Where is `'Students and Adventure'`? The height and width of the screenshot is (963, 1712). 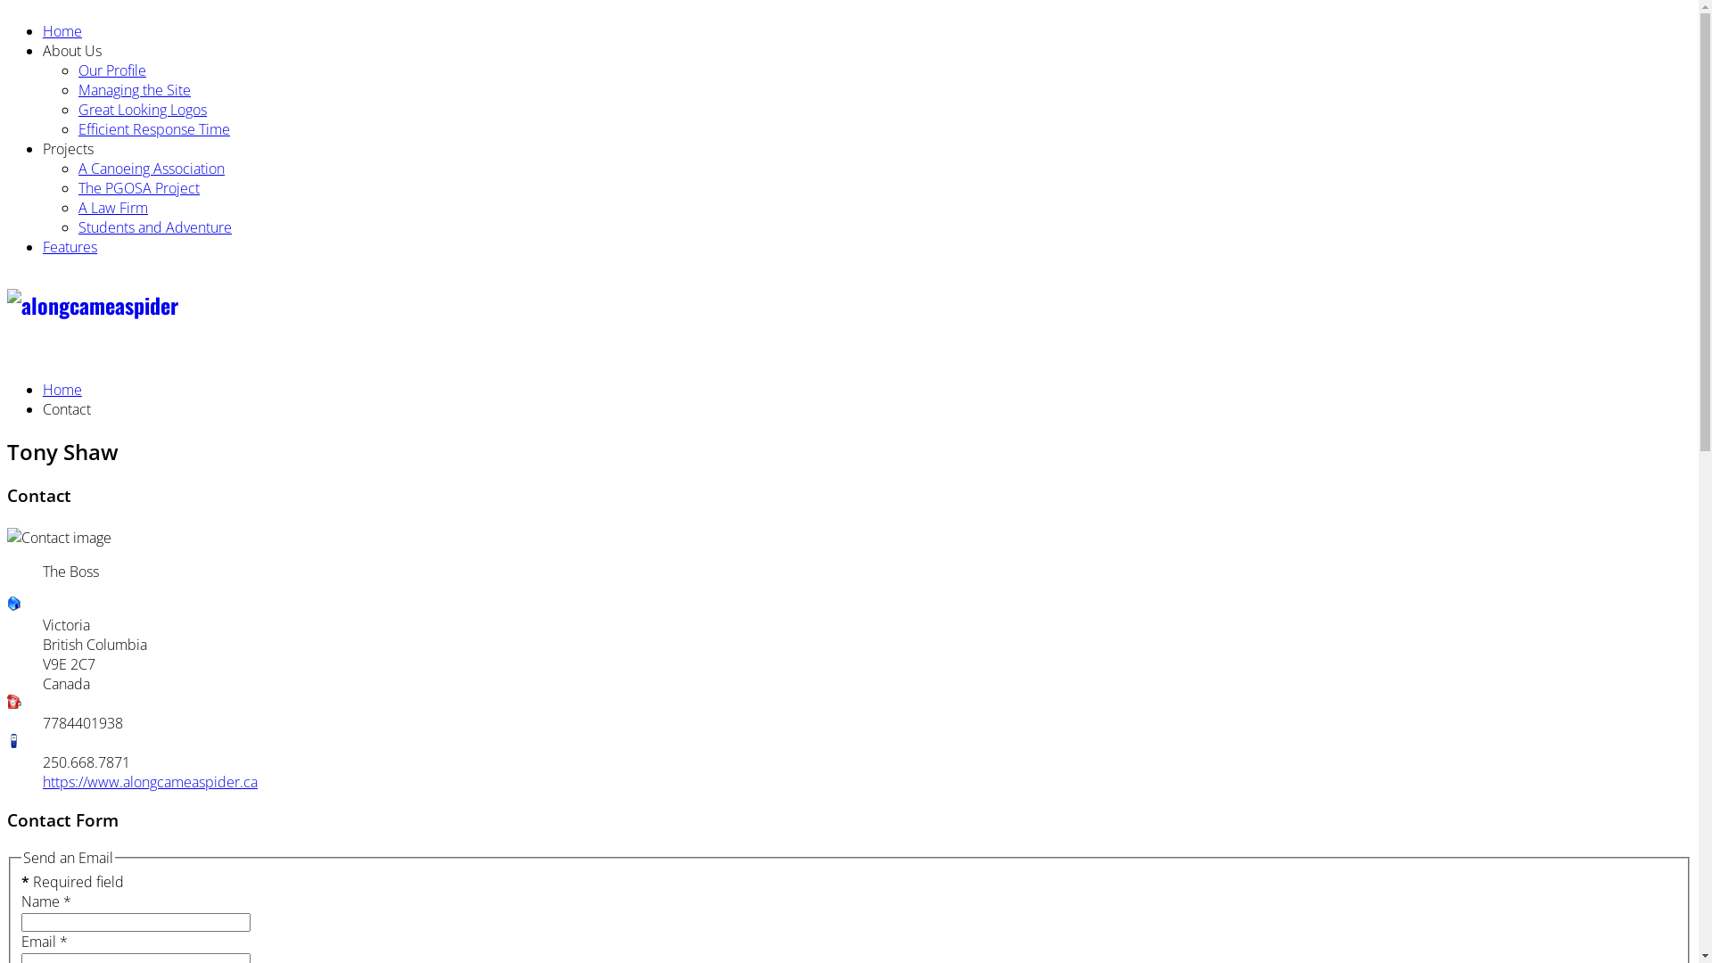 'Students and Adventure' is located at coordinates (154, 226).